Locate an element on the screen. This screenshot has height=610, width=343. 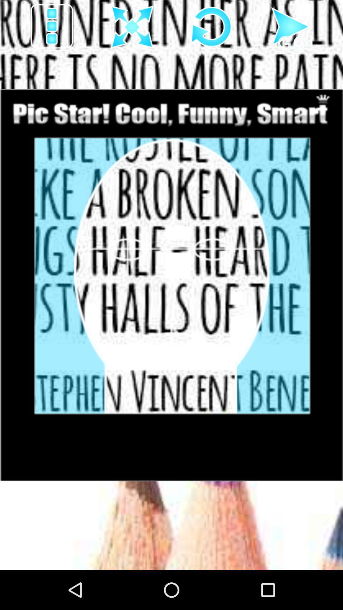
go forward is located at coordinates (291, 27).